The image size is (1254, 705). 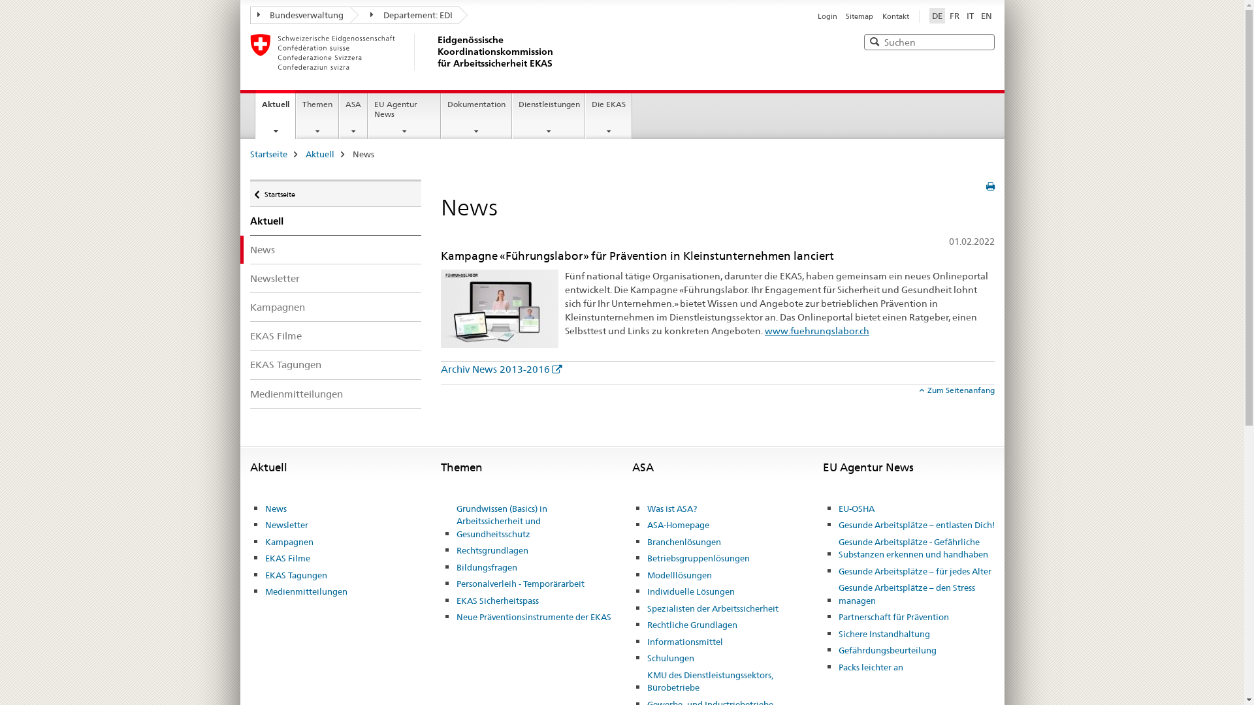 I want to click on 'EKAS Filme', so click(x=335, y=335).